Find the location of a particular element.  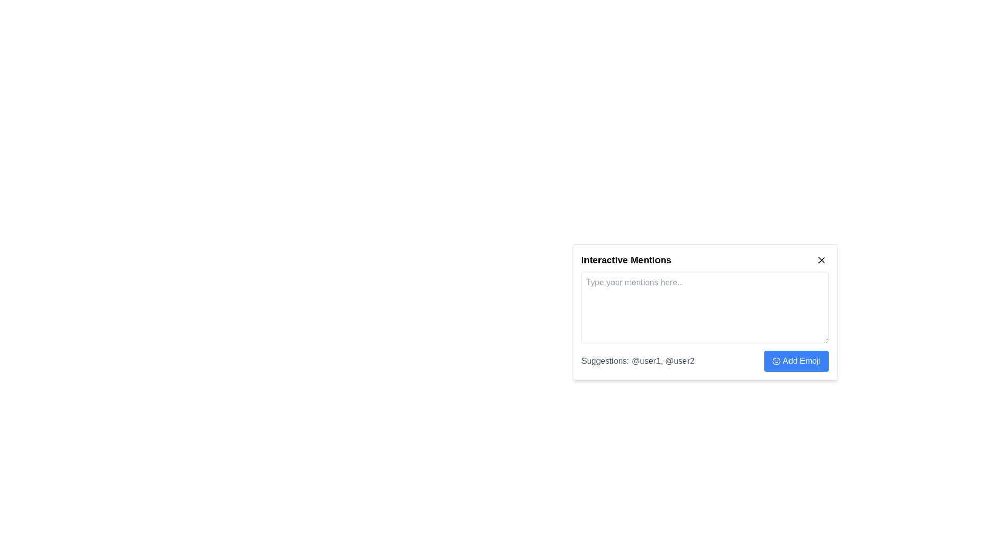

the circular boundary of the smiley face icon, which serves as a visual indicator of an emotive state, as part of the interface design is located at coordinates (777, 361).